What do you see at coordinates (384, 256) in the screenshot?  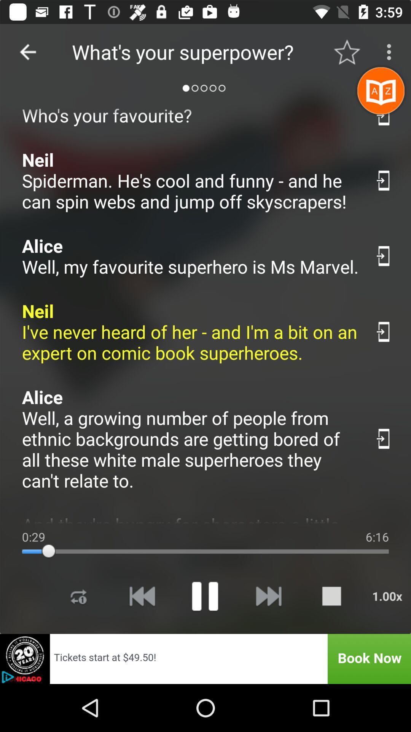 I see `this post` at bounding box center [384, 256].